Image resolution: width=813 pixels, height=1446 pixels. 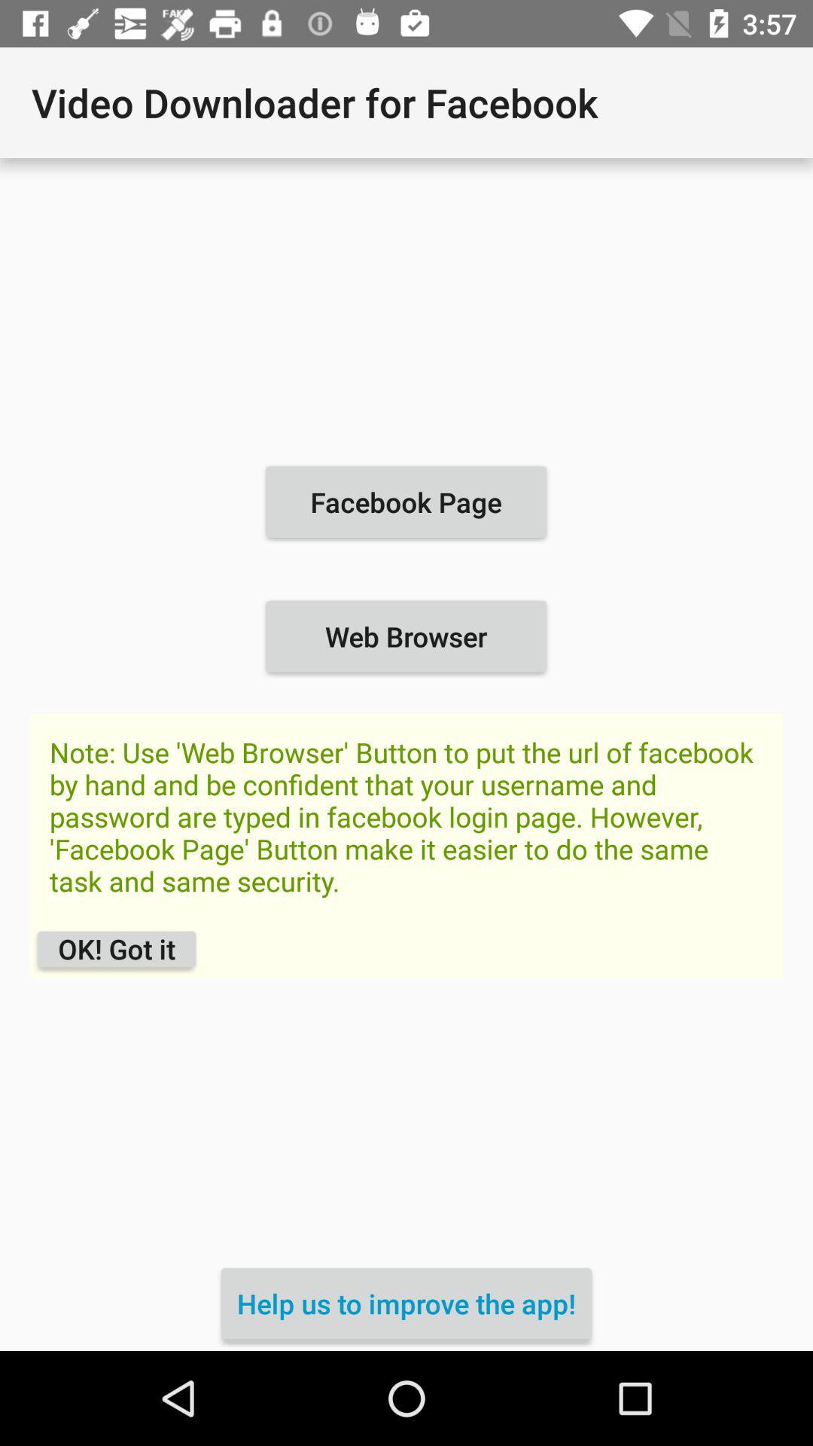 I want to click on item below the note use web item, so click(x=116, y=948).